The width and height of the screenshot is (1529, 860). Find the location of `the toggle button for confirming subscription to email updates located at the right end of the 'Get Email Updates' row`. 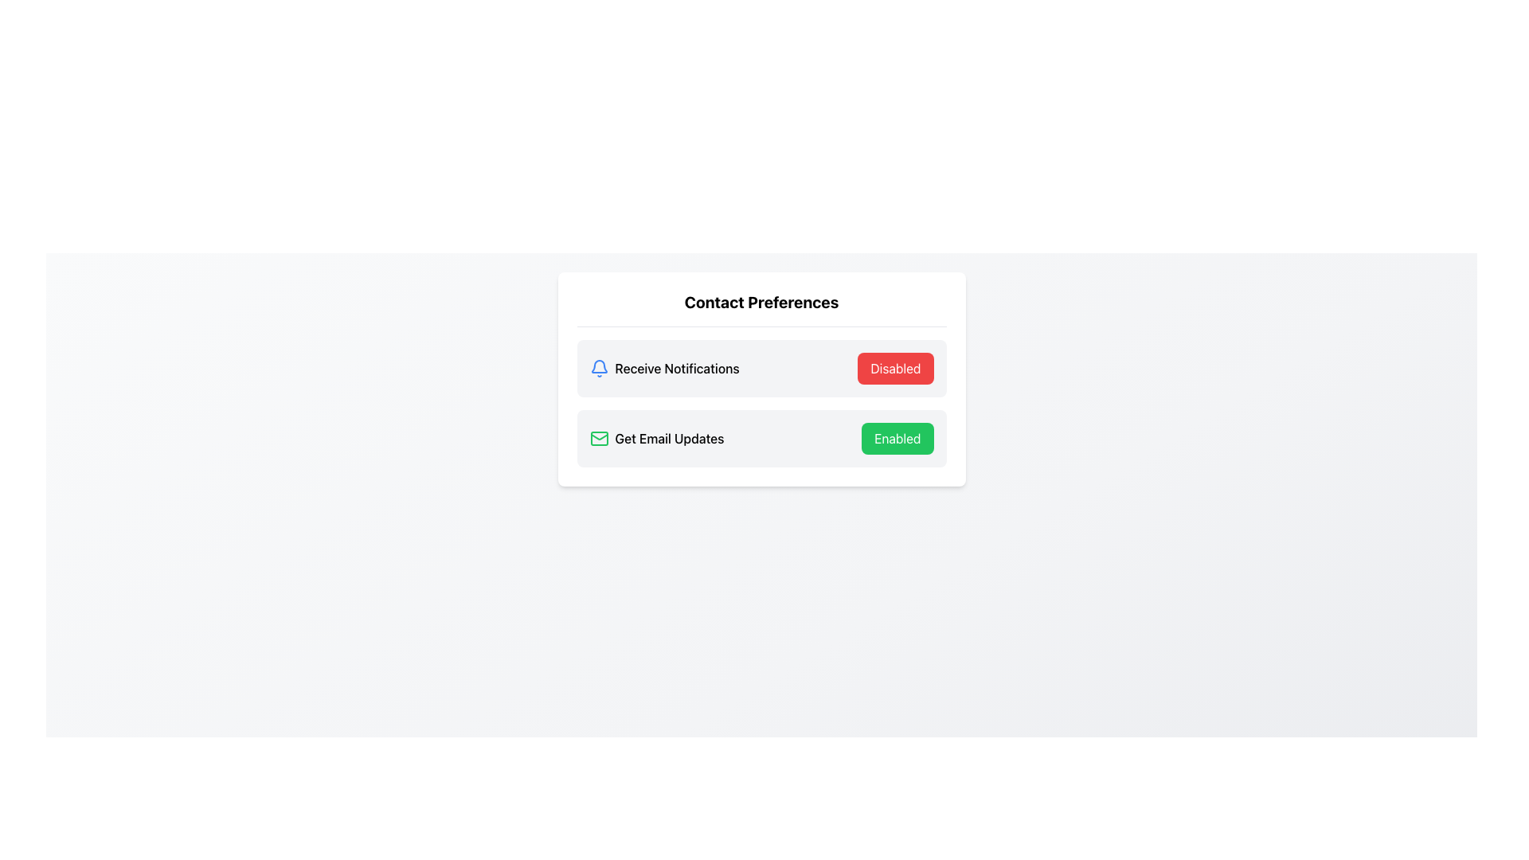

the toggle button for confirming subscription to email updates located at the right end of the 'Get Email Updates' row is located at coordinates (897, 439).